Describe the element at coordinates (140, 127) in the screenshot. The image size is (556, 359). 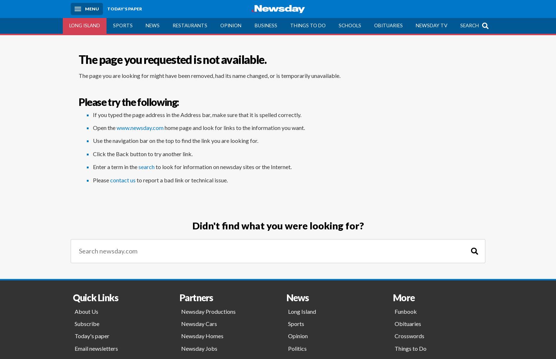
I see `'www.newsday.com'` at that location.